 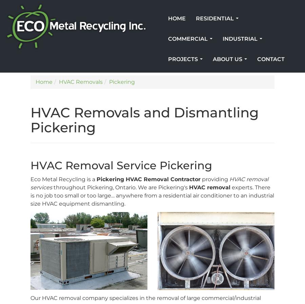 What do you see at coordinates (122, 82) in the screenshot?
I see `'Pickering'` at bounding box center [122, 82].